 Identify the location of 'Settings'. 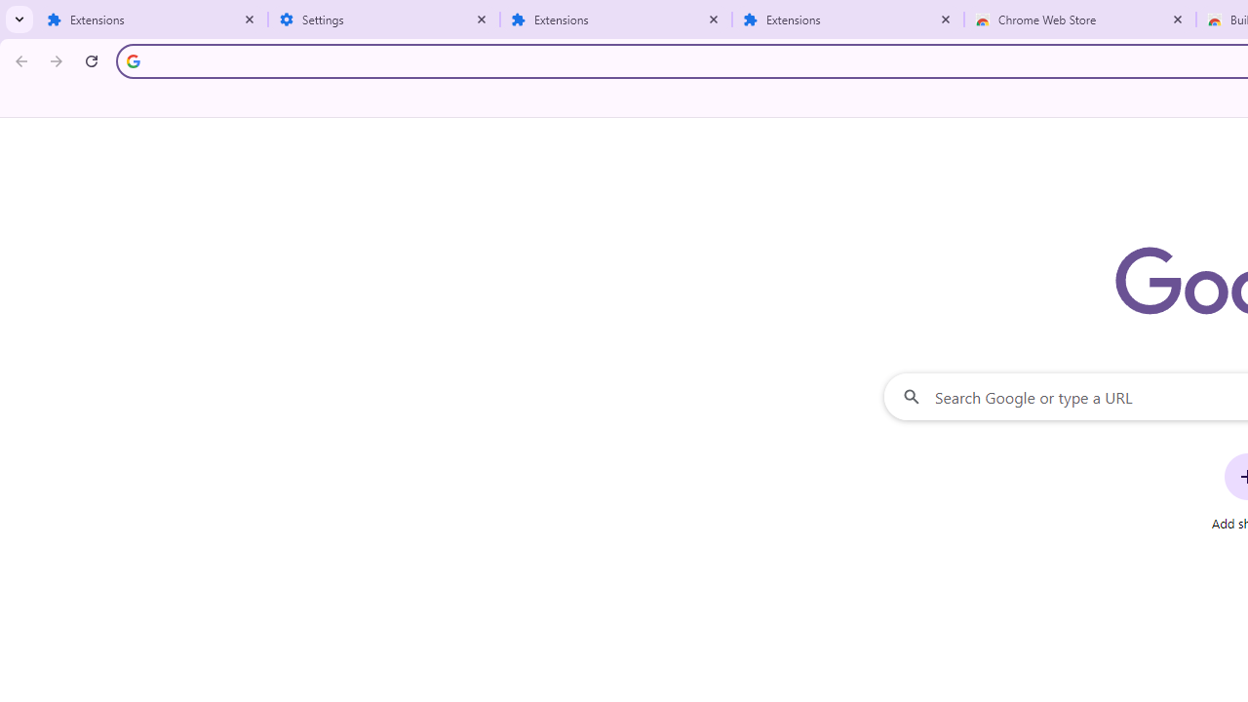
(384, 19).